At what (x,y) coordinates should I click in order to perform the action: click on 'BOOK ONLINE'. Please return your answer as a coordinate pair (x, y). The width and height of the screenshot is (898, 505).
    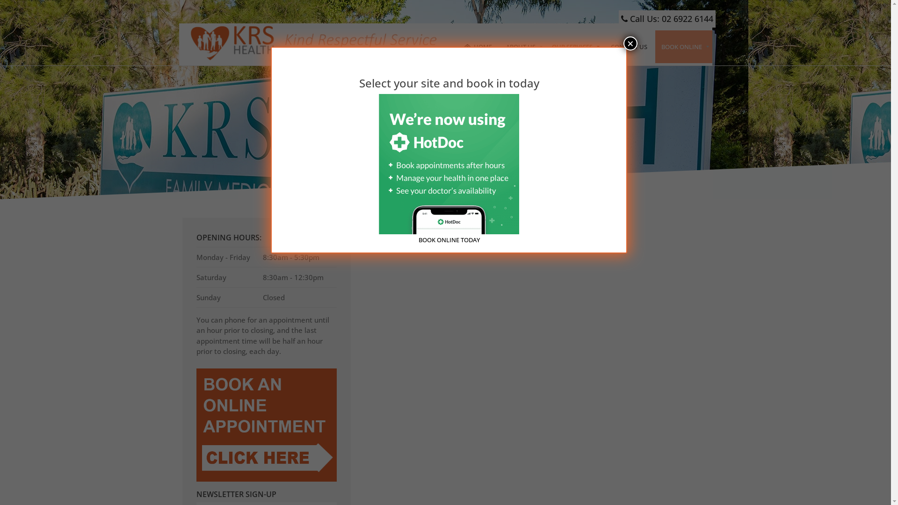
    Looking at the image, I should click on (683, 47).